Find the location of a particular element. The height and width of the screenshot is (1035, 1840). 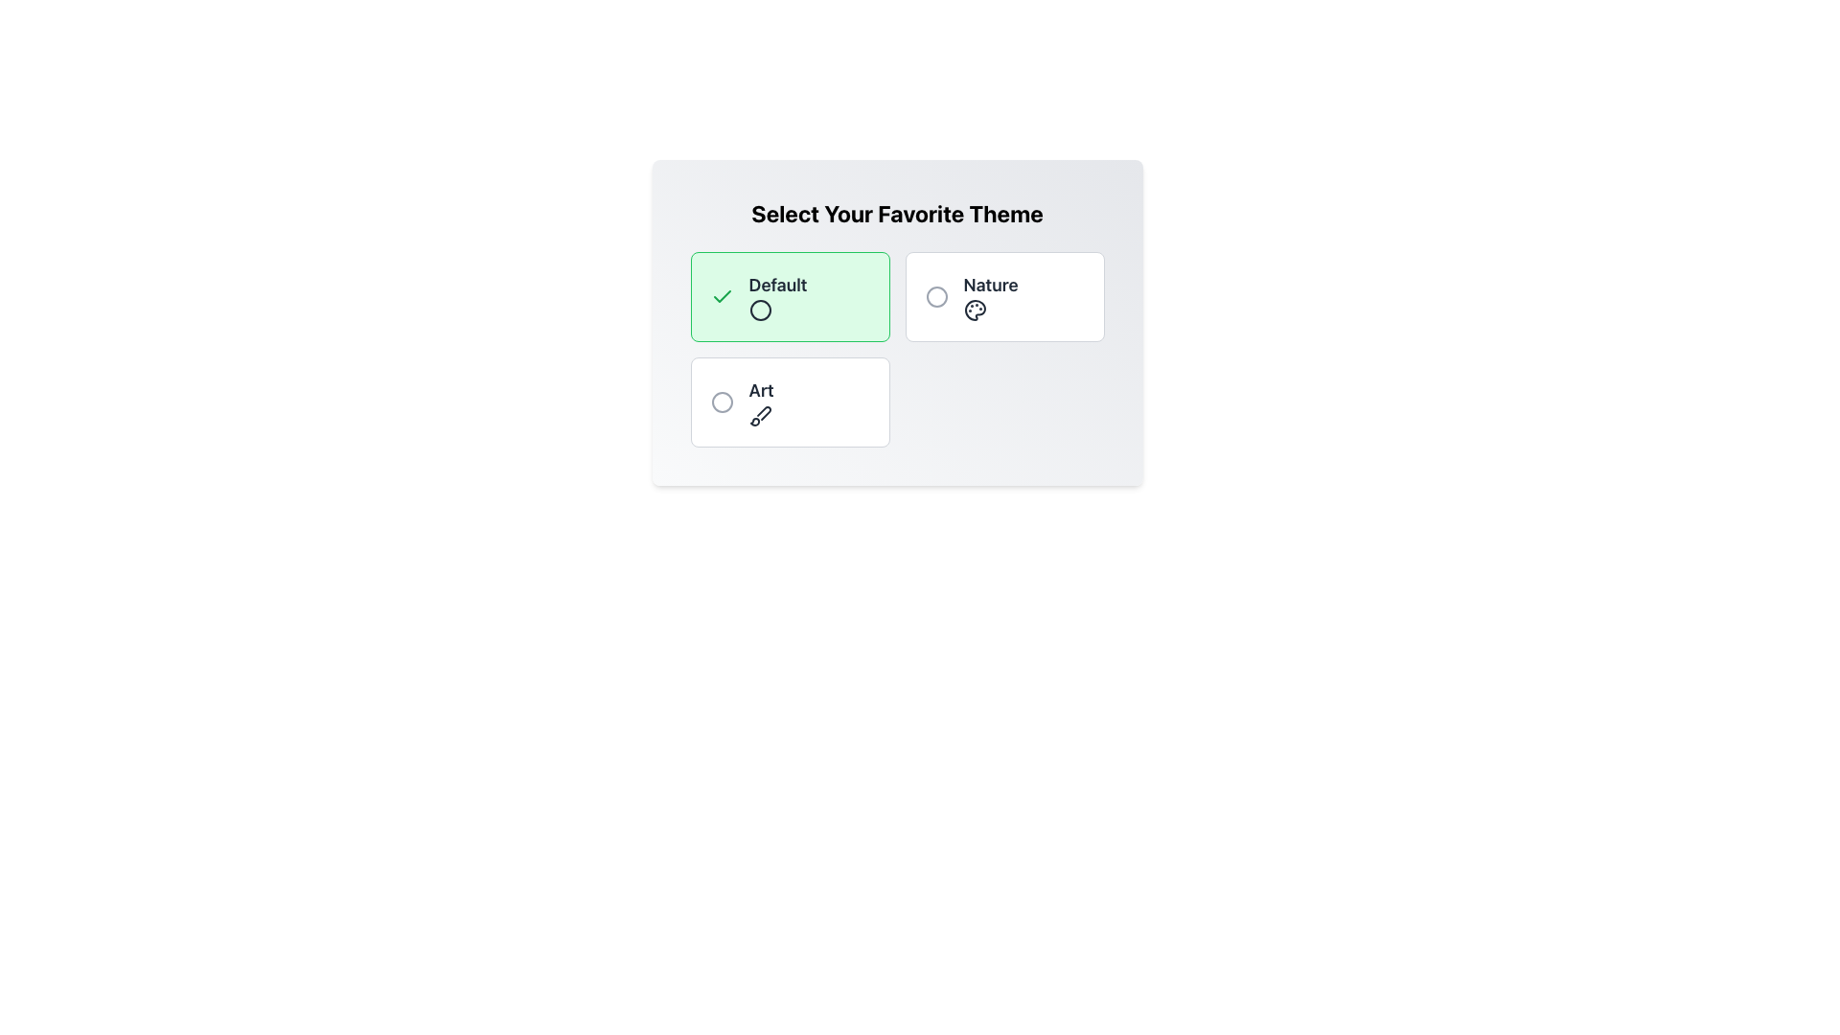

the 'Art' theme icon located at the top-left corner of the 'Art' selection card is located at coordinates (721, 402).